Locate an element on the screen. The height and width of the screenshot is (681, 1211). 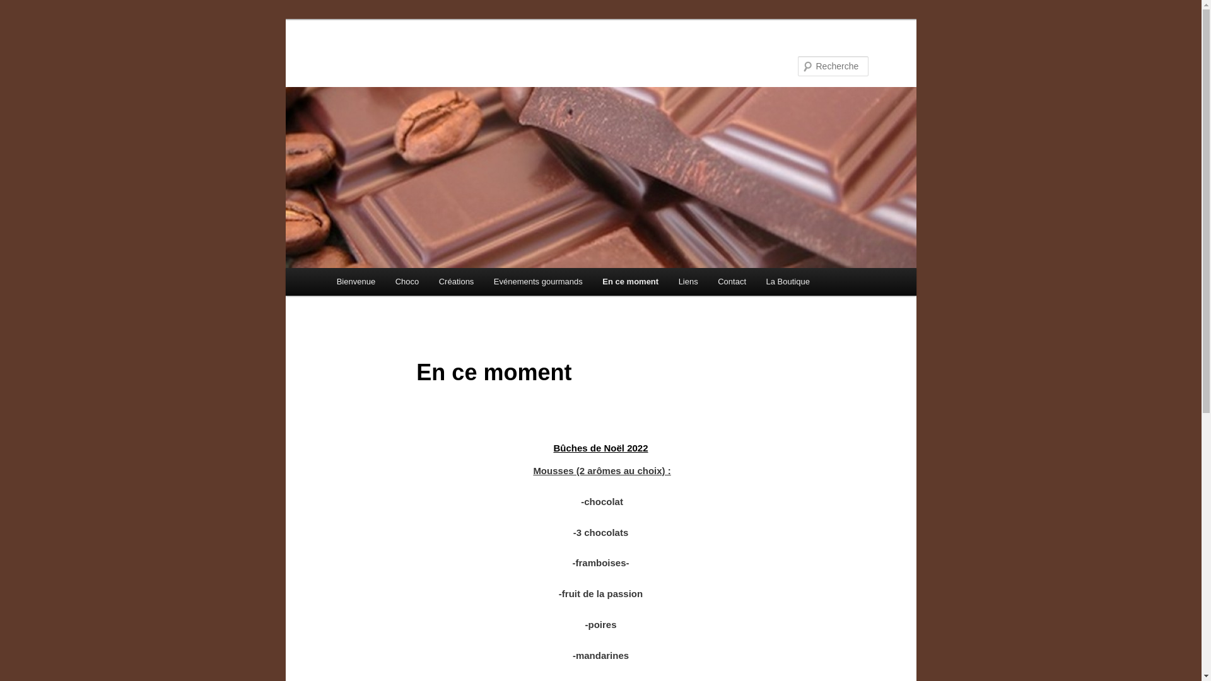
'Aller au contenu secondaire' is located at coordinates (333, 284).